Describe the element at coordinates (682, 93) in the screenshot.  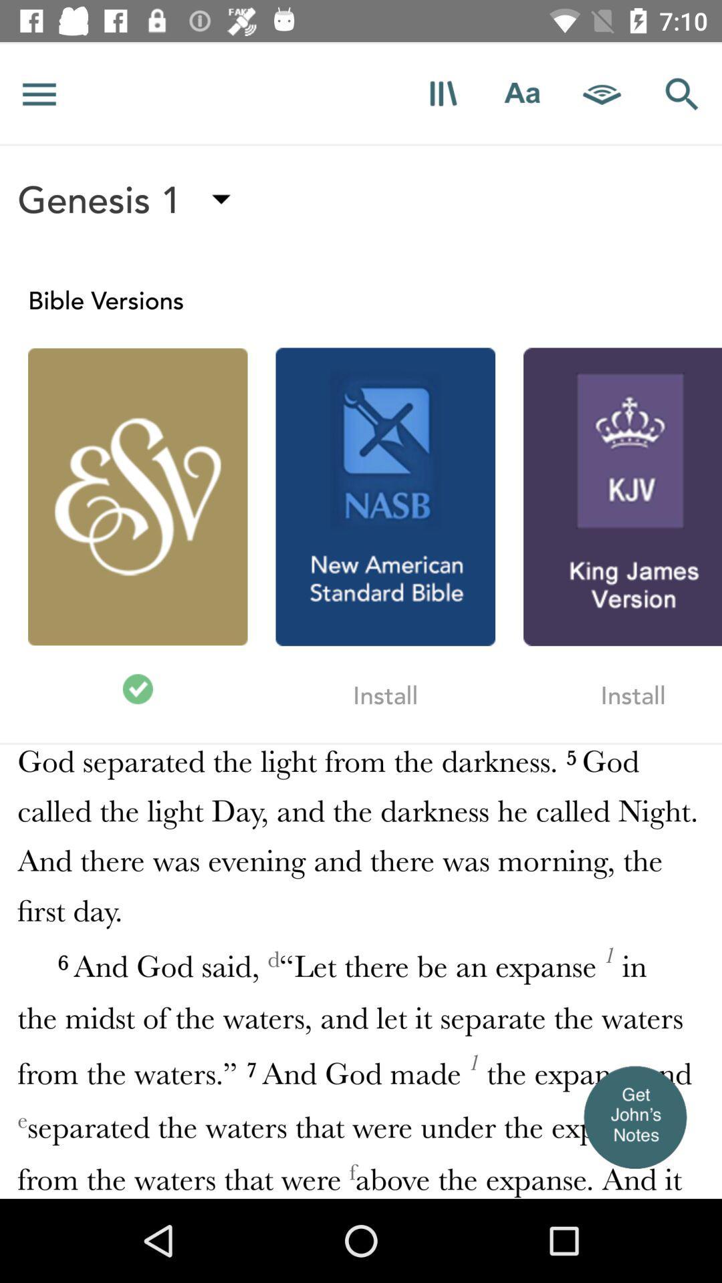
I see `search` at that location.